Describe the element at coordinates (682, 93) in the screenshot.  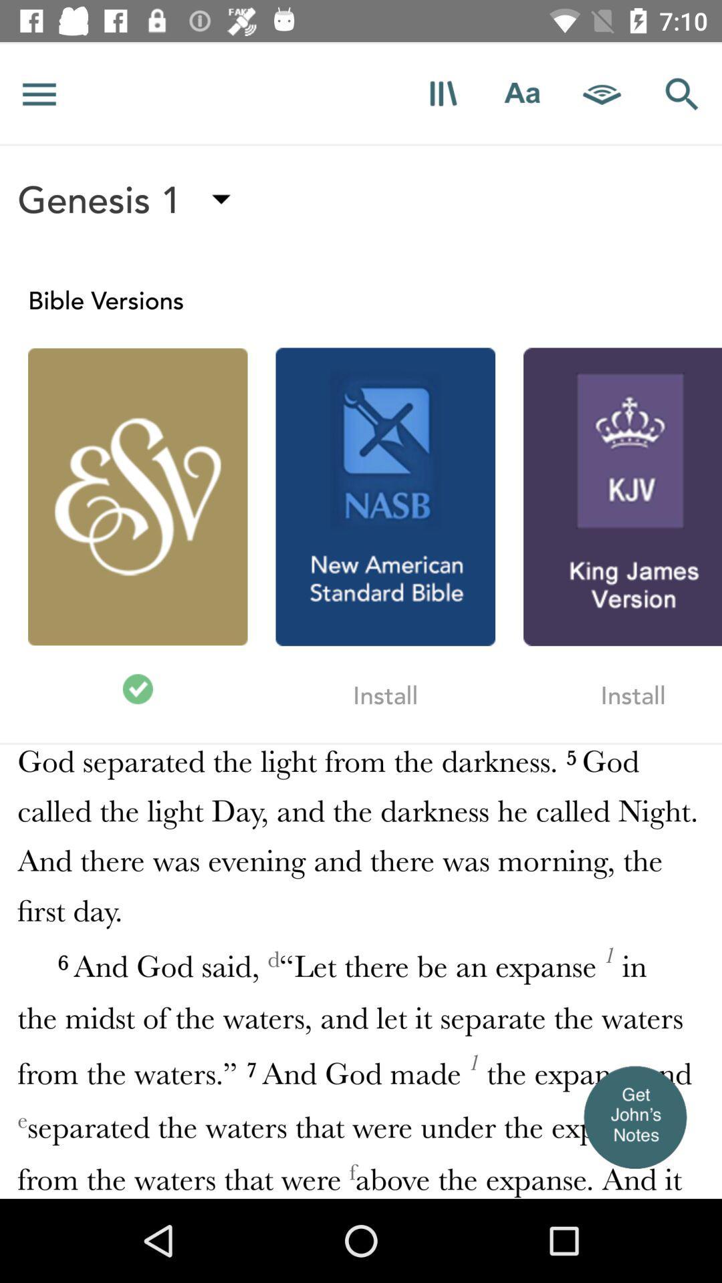
I see `search` at that location.